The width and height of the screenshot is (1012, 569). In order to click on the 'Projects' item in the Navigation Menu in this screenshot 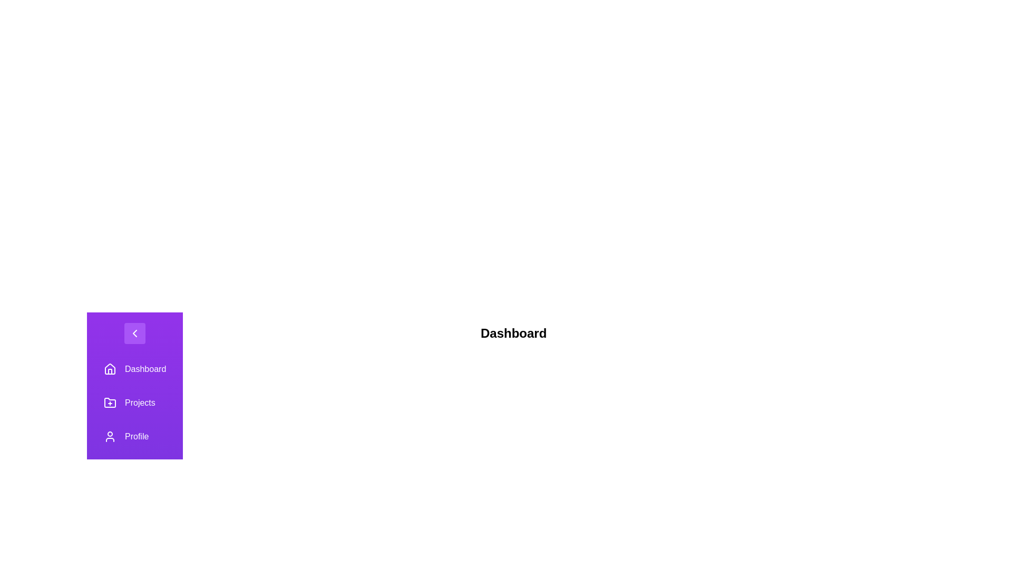, I will do `click(134, 419)`.